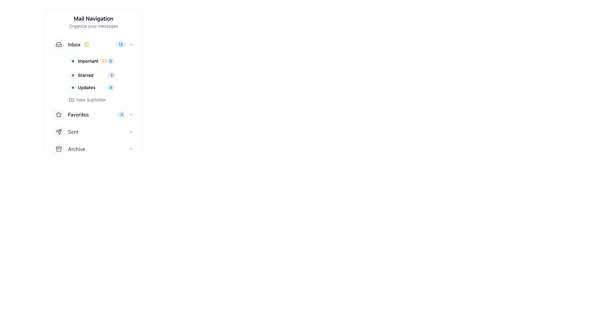  What do you see at coordinates (101, 88) in the screenshot?
I see `the Interactive list item labeled 'Updates' with a notification badge showing '4'` at bounding box center [101, 88].